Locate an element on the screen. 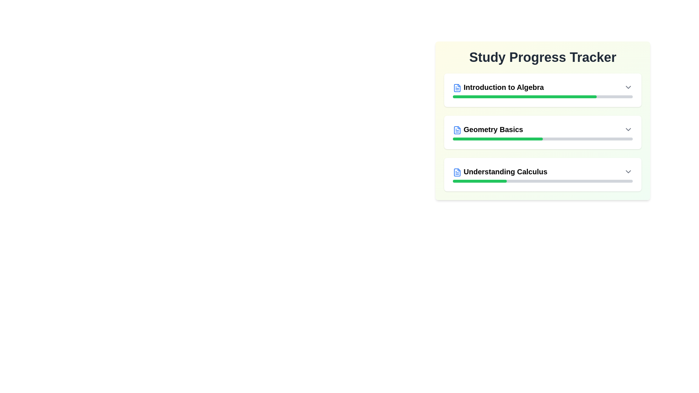 This screenshot has height=393, width=699. the progress information represented by the progress bar in the 'Geometry Basics' section of the 'Study Progress Tracker' interface is located at coordinates (543, 139).